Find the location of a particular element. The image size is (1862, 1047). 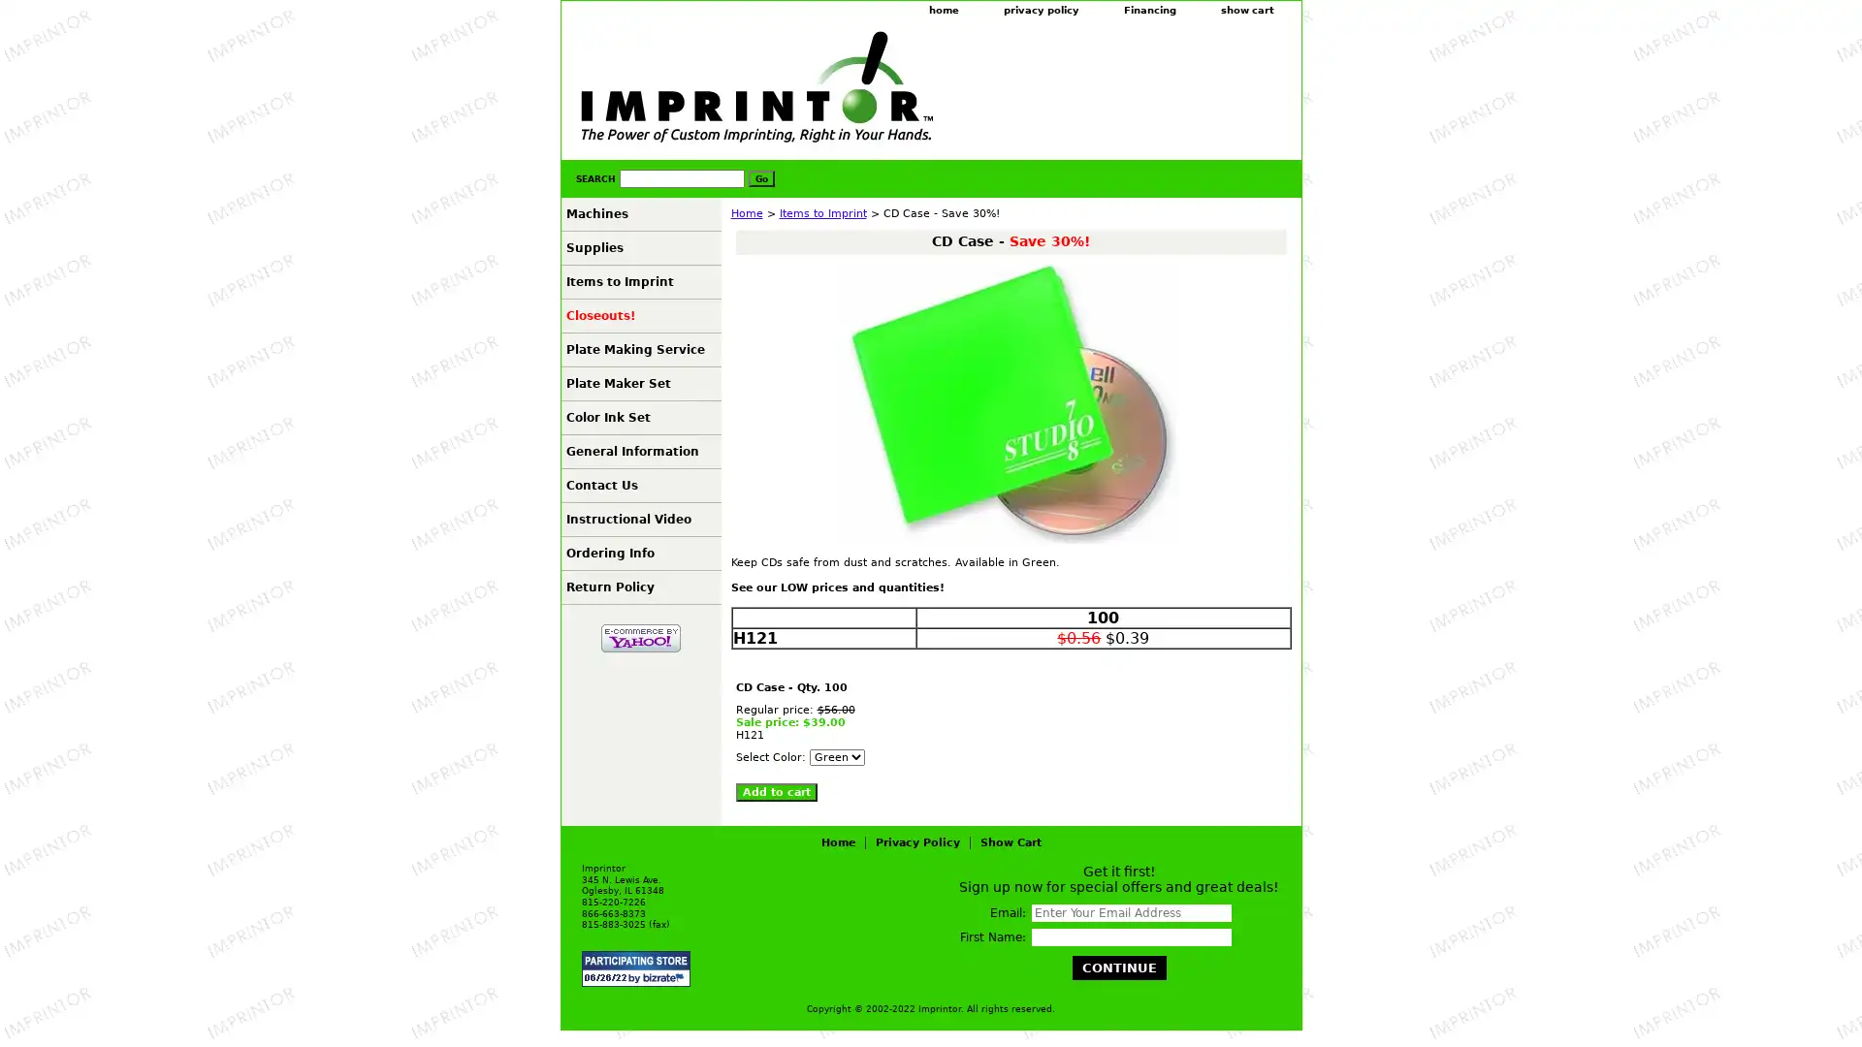

Add to cart is located at coordinates (776, 792).